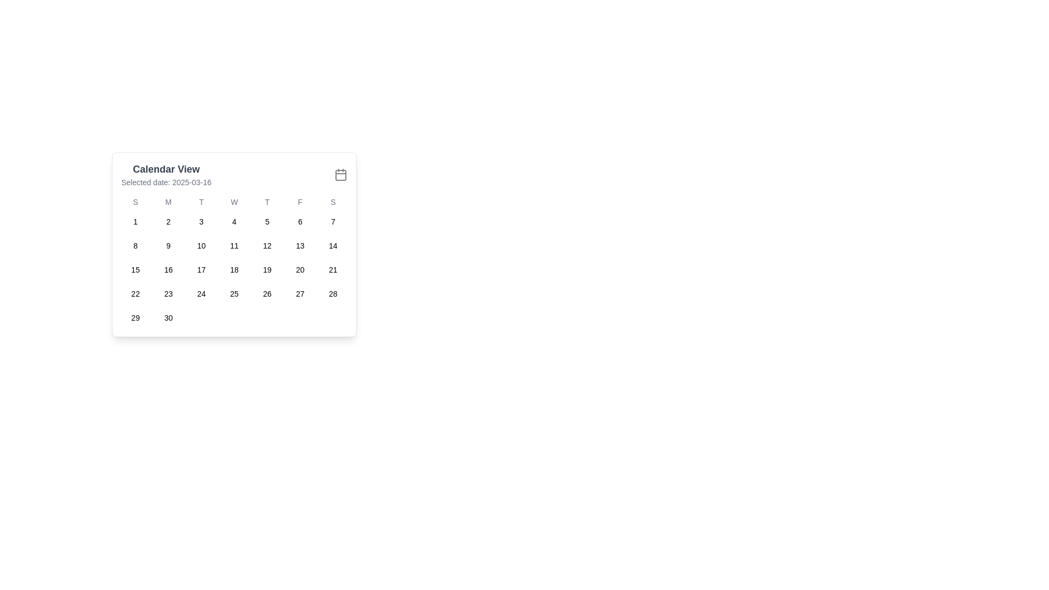  What do you see at coordinates (135, 221) in the screenshot?
I see `the calendar date button located in the first column of the grid layout, which represents a specific date in the monthly calendar view` at bounding box center [135, 221].